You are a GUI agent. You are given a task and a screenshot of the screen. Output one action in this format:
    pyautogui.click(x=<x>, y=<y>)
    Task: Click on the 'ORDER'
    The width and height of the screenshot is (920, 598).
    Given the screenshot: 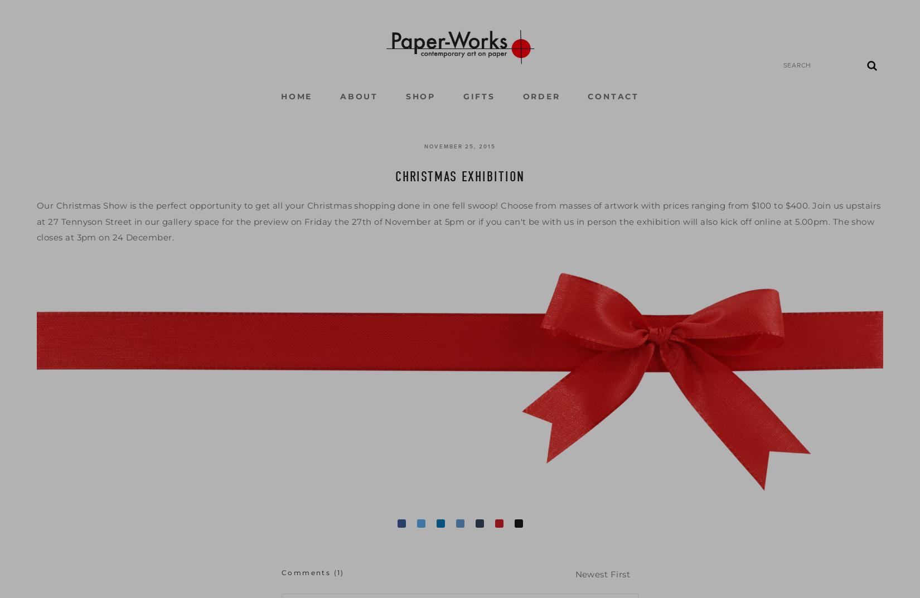 What is the action you would take?
    pyautogui.click(x=522, y=96)
    